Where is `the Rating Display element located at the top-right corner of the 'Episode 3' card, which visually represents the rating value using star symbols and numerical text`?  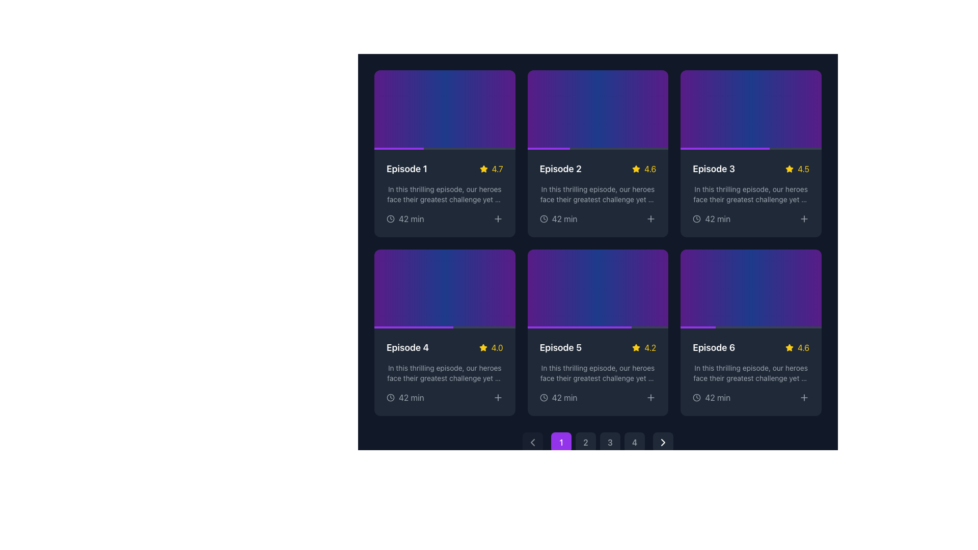 the Rating Display element located at the top-right corner of the 'Episode 3' card, which visually represents the rating value using star symbols and numerical text is located at coordinates (797, 168).